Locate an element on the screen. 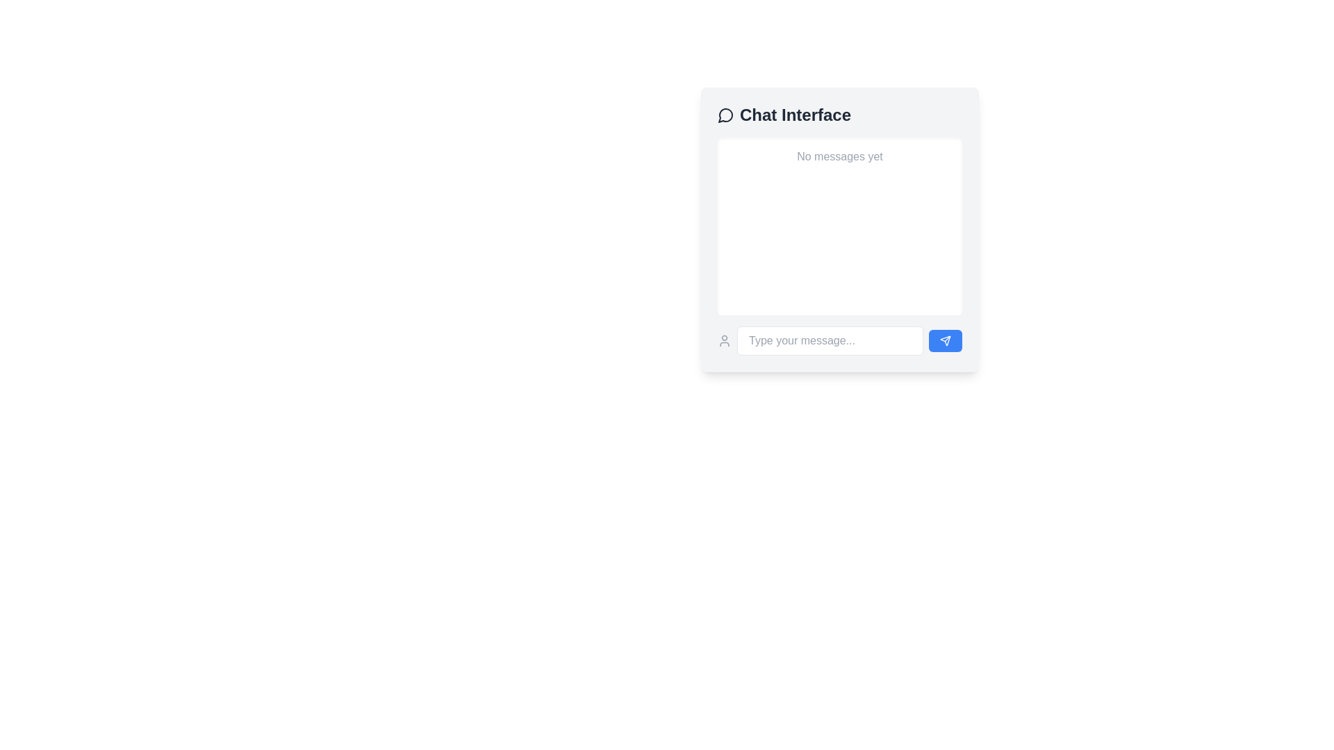  the 'Send' button represented by a paper airplane icon located at the bottom-right corner of the chat interface is located at coordinates (945, 340).